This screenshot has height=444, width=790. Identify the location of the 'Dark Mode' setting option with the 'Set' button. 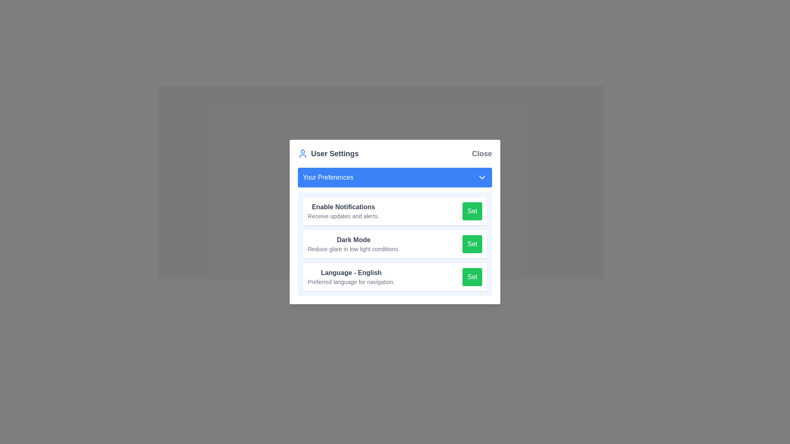
(395, 244).